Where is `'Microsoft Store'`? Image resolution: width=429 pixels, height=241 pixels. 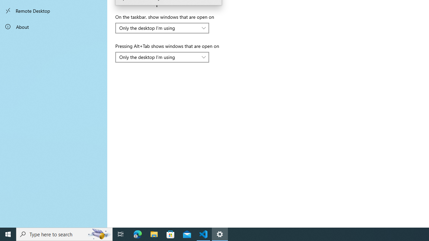
'Microsoft Store' is located at coordinates (171, 234).